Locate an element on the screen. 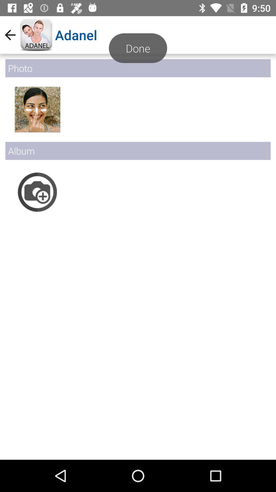  the photo icon is located at coordinates (37, 192).